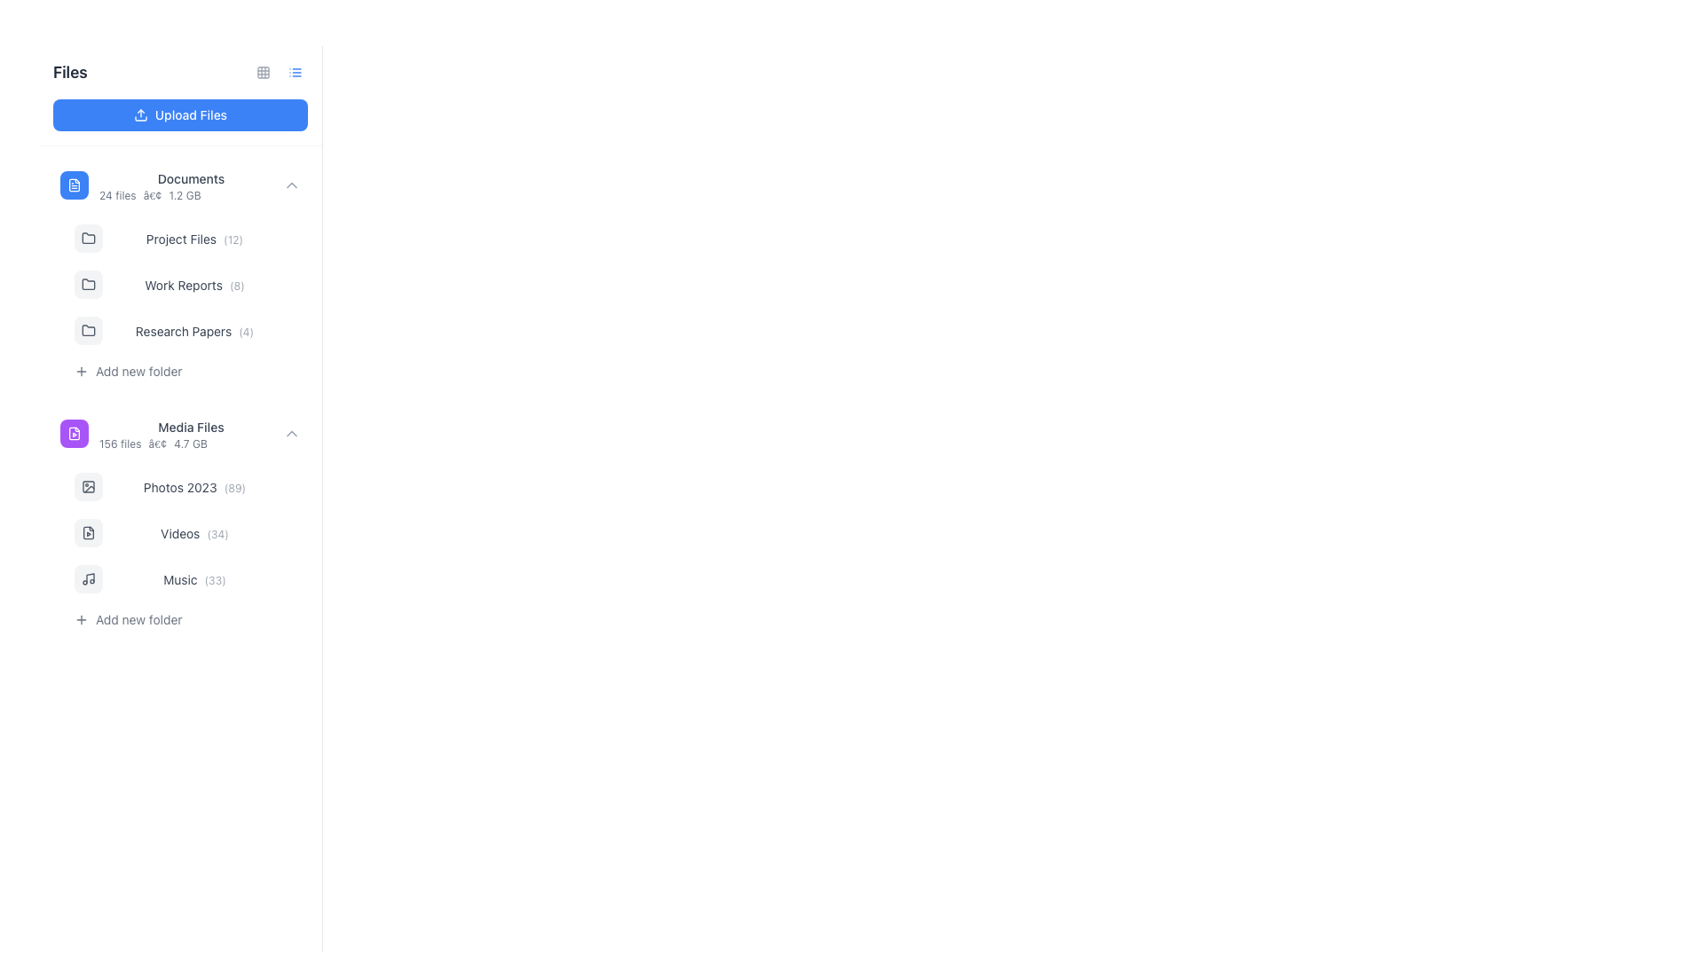 Image resolution: width=1704 pixels, height=958 pixels. Describe the element at coordinates (187, 532) in the screenshot. I see `the navigation list item labeled 'Videos (34)' which is located` at that location.